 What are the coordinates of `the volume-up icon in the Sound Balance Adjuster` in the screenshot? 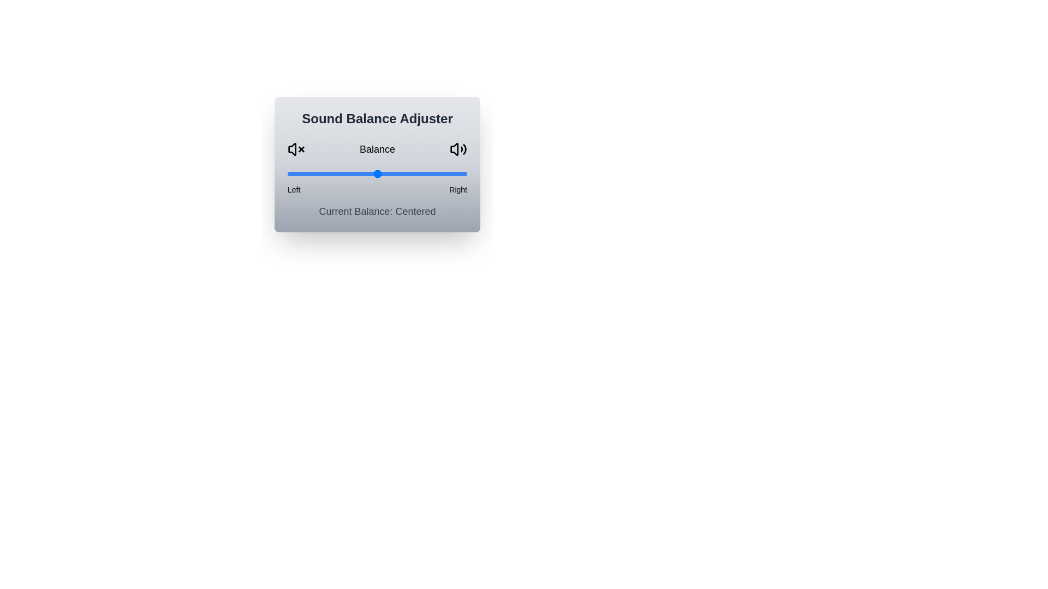 It's located at (458, 149).